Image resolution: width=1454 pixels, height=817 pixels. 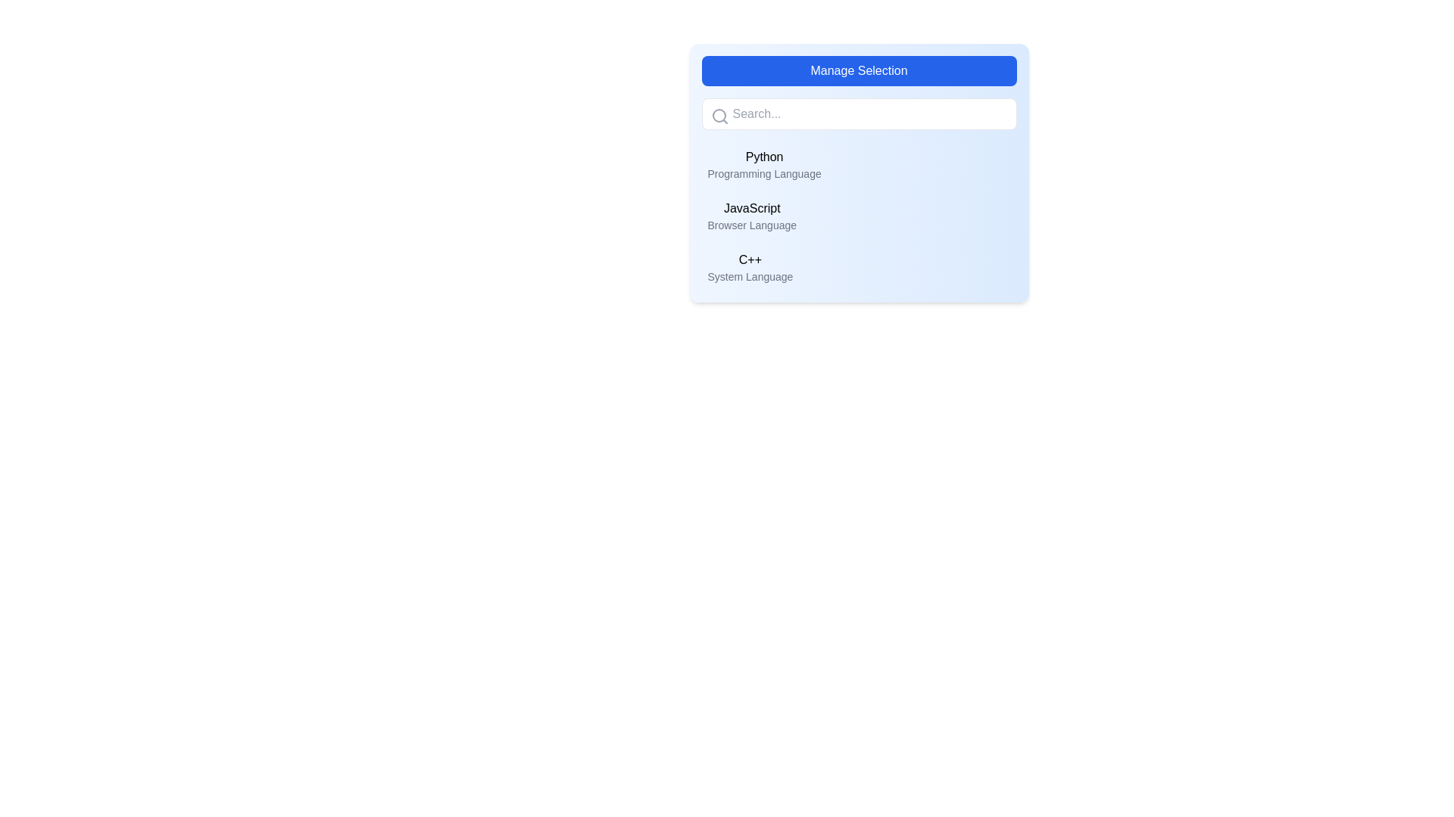 I want to click on the informational list item labeled 'JavaScript' using the keyboard, which is positioned below 'Python Programming Language' and above 'C++ System Language' in the upper right panel, so click(x=752, y=216).